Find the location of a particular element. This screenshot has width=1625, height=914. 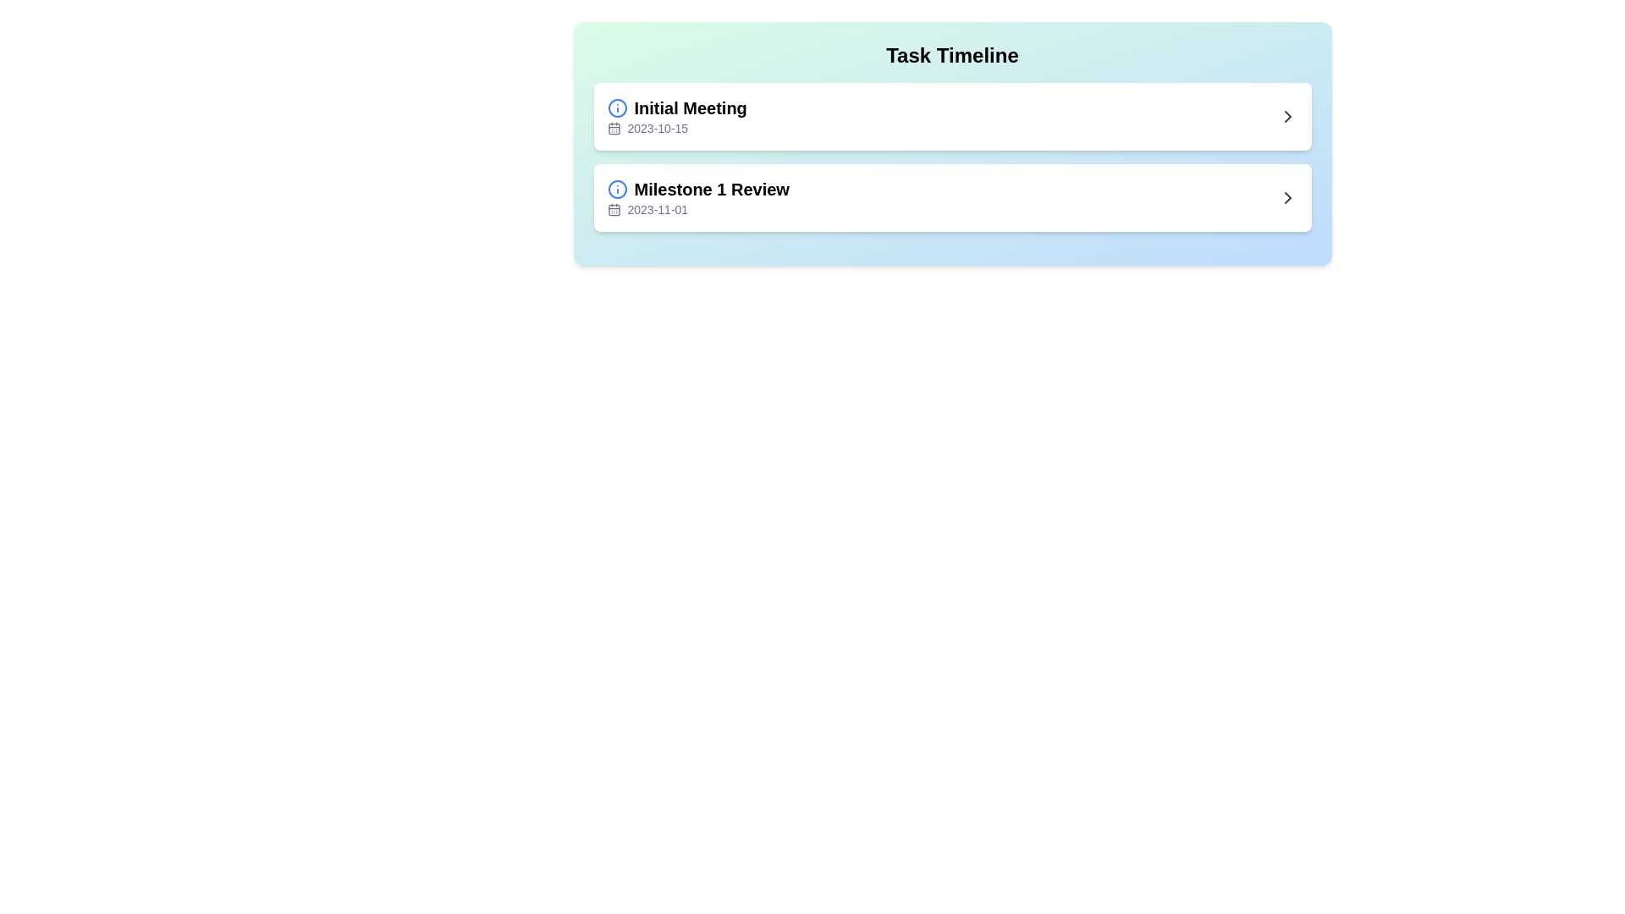

the small, rightward pointing chevron arrow icon located at the far right of the 'Initial Meeting' timeline event entry is located at coordinates (1286, 116).